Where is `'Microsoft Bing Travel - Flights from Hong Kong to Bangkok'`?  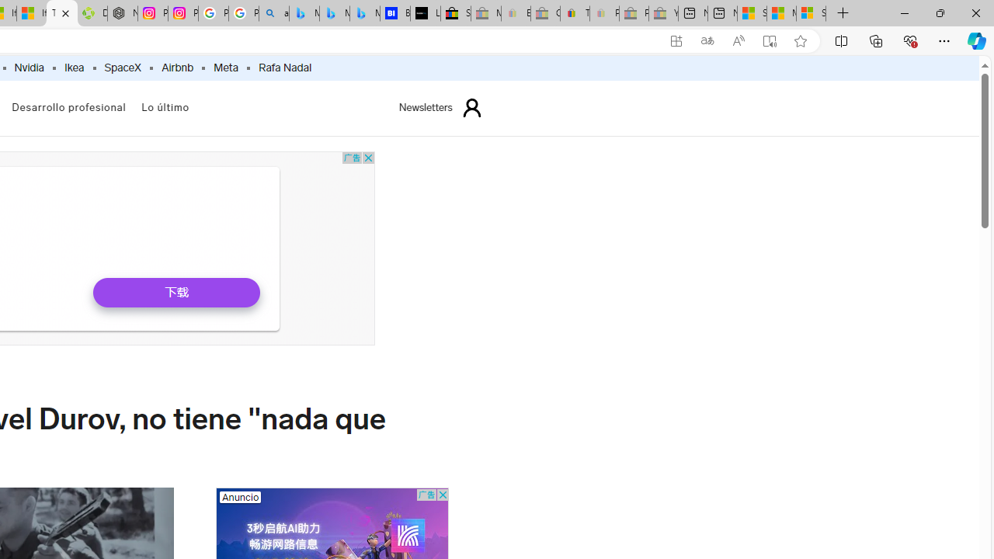 'Microsoft Bing Travel - Flights from Hong Kong to Bangkok' is located at coordinates (304, 13).